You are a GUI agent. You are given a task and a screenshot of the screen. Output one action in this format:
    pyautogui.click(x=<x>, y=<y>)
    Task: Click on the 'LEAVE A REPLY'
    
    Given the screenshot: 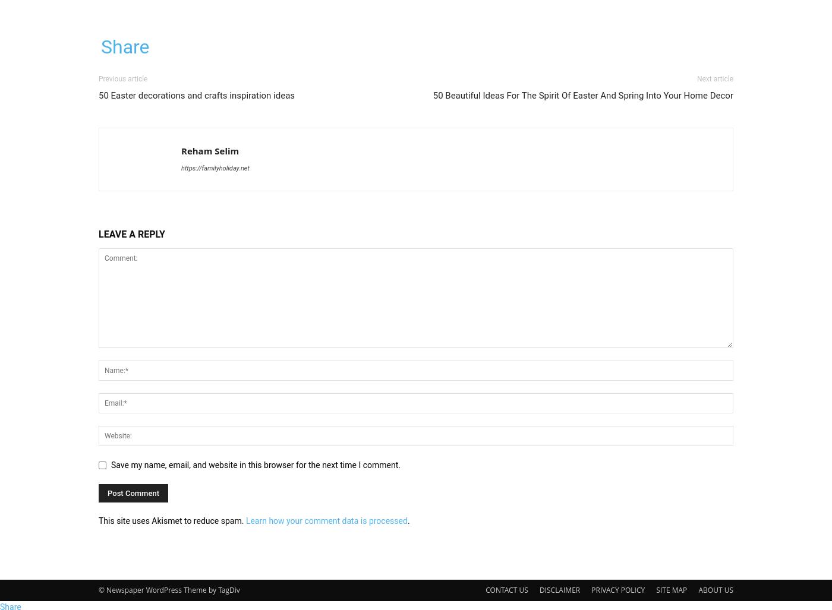 What is the action you would take?
    pyautogui.click(x=99, y=234)
    